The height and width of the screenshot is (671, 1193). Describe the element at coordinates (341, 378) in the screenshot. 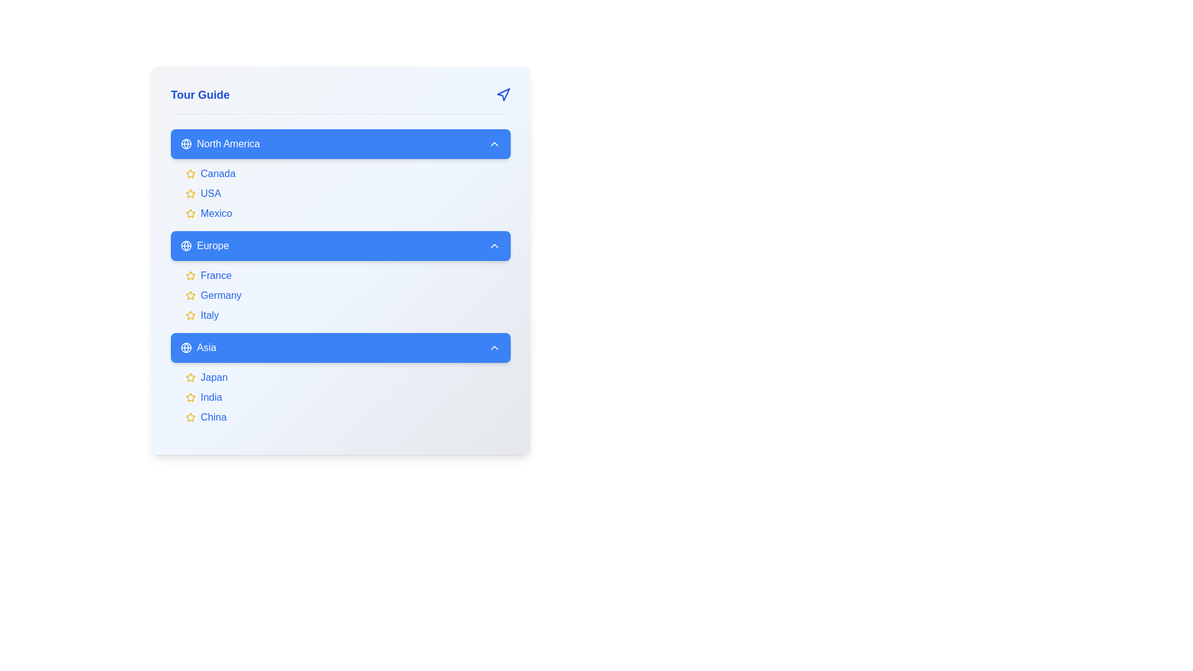

I see `each listed item under the 'Asia' collapsible section located in the 'Tour Guide' sidebar, which is the third section after 'North America' and 'Europe'` at that location.